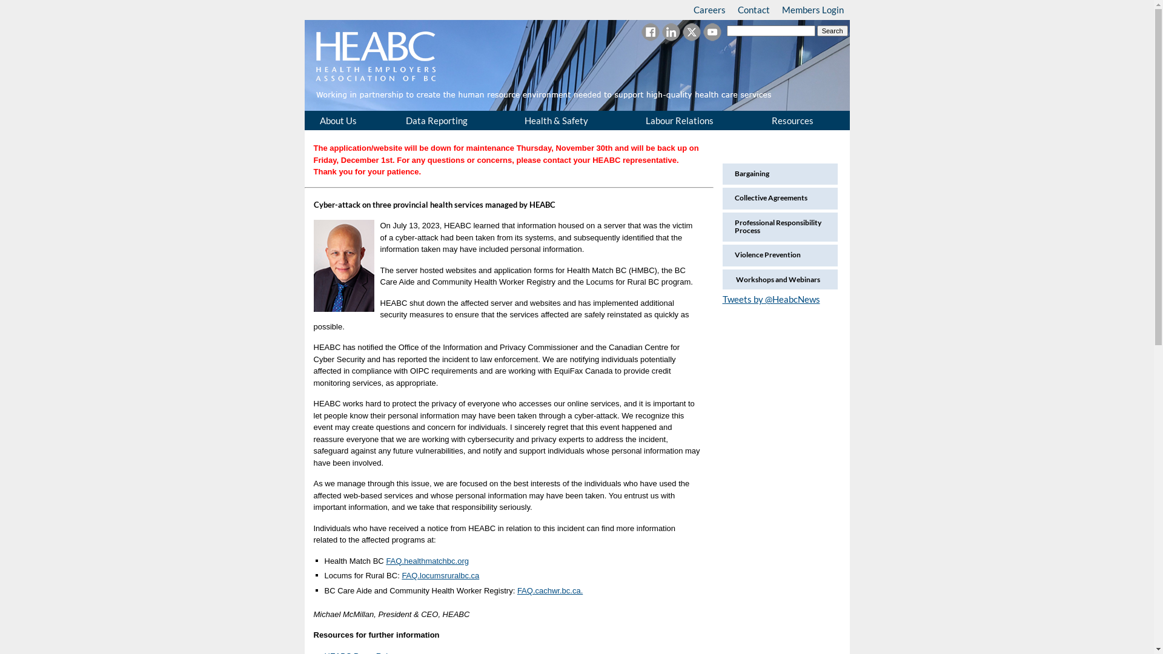 The image size is (1163, 654). What do you see at coordinates (832, 30) in the screenshot?
I see `'Search'` at bounding box center [832, 30].